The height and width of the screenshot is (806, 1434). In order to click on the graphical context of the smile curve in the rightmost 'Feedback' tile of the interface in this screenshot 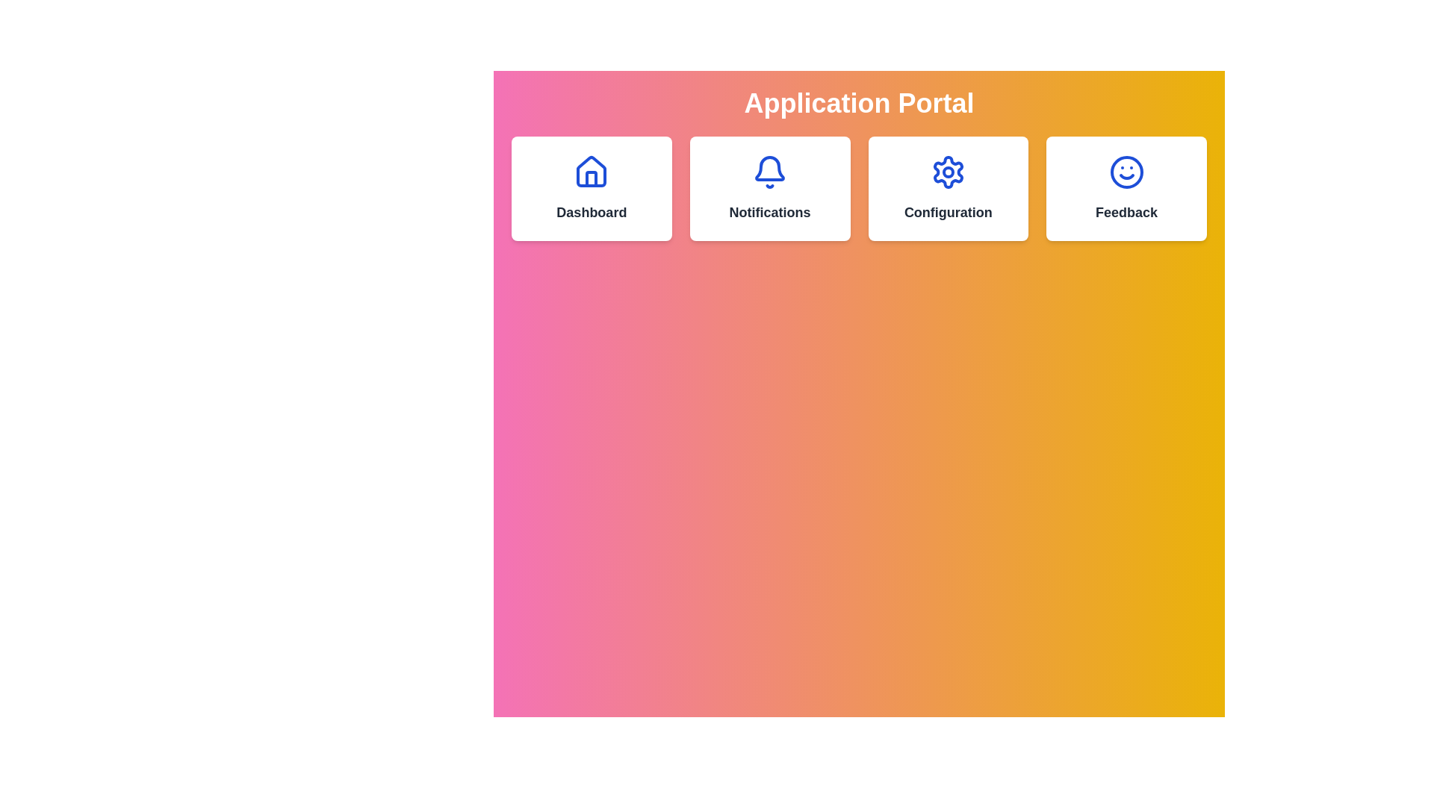, I will do `click(1126, 175)`.